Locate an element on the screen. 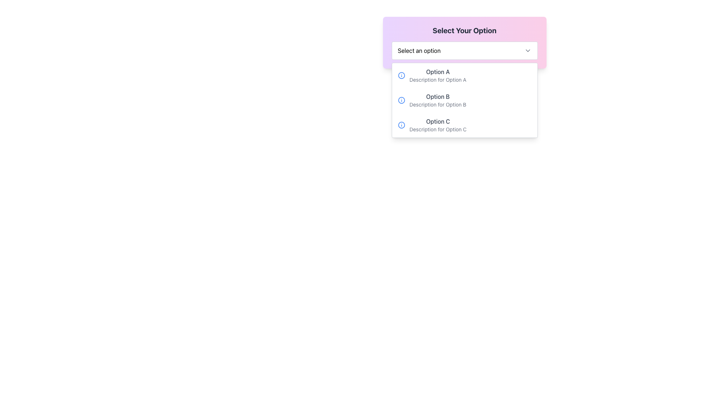 The height and width of the screenshot is (394, 701). the bold text label that says 'Select Your Option', which is prominently displayed at the top of a card-like group above the dropdown menu is located at coordinates (464, 30).